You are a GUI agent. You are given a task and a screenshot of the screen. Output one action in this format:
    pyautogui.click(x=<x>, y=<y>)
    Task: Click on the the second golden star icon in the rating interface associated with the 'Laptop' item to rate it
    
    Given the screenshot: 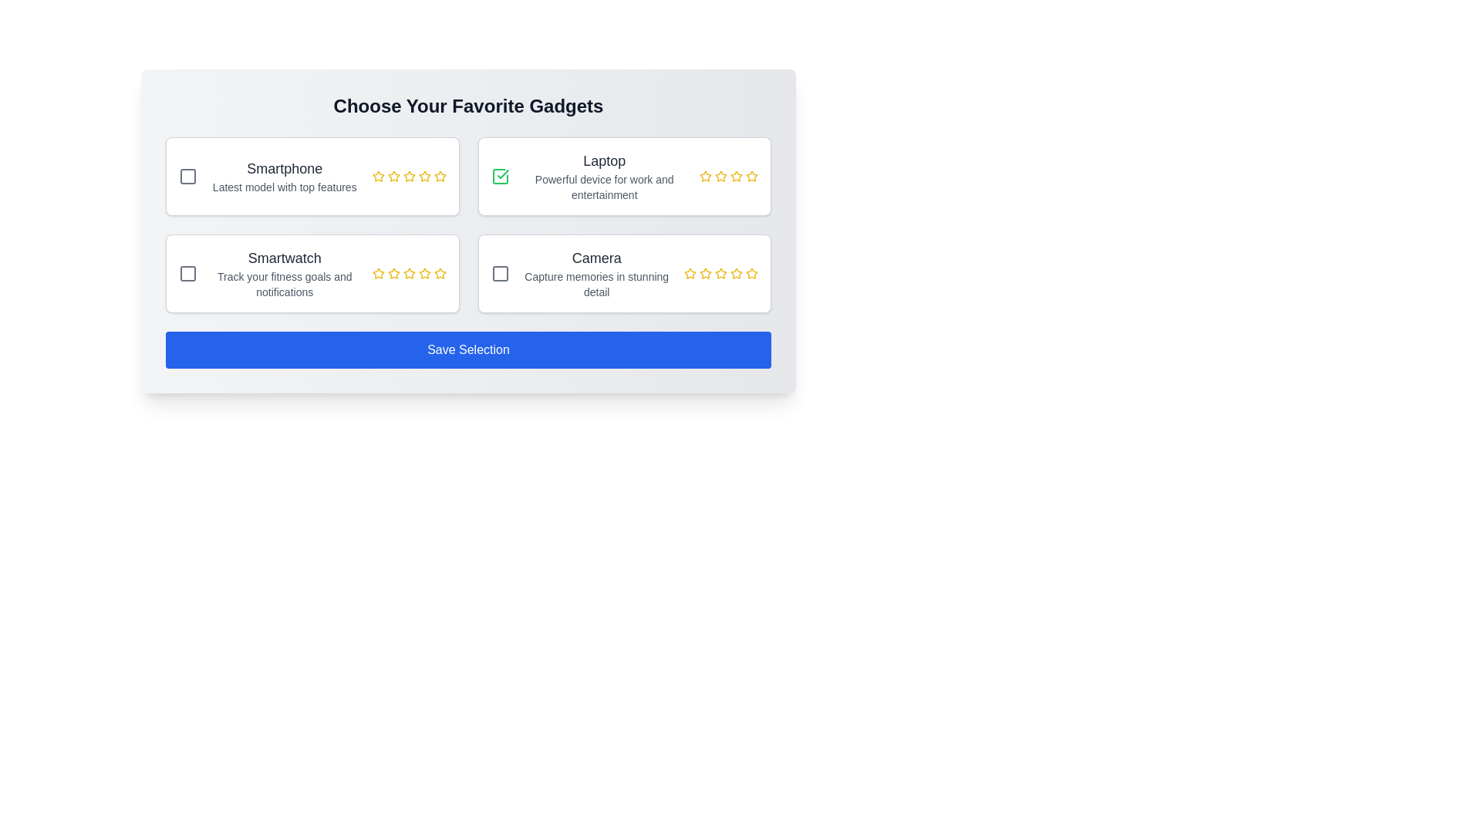 What is the action you would take?
    pyautogui.click(x=720, y=174)
    